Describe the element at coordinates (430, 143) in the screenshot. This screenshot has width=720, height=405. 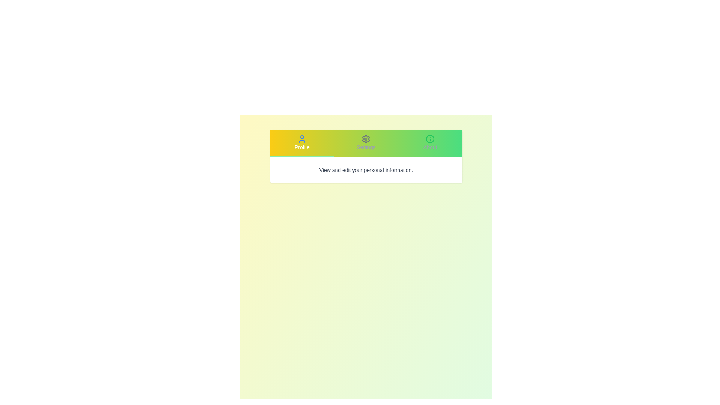
I see `the 'About' tab to activate it and display its content` at that location.